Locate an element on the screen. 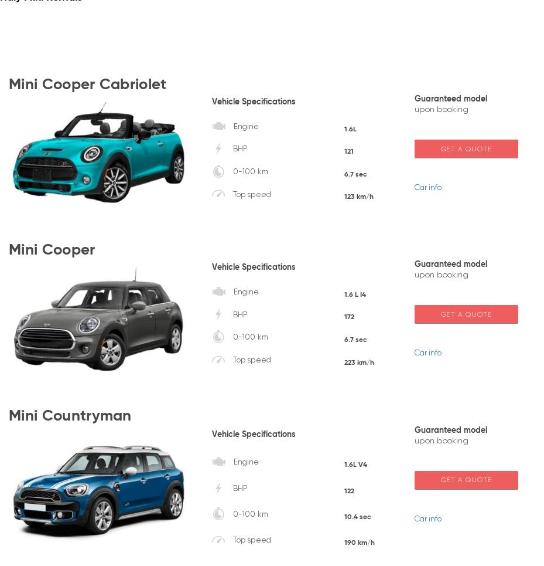  'of' is located at coordinates (254, 469).